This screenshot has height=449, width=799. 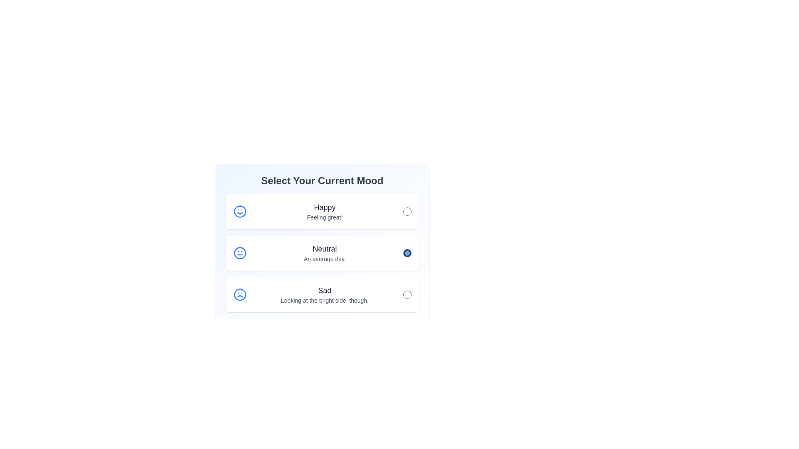 What do you see at coordinates (324, 253) in the screenshot?
I see `the 'Neutral' text label element, which is the second option in a list of mood options, displaying 'Neutral' in dark gray and 'An average day.' in lighter gray` at bounding box center [324, 253].